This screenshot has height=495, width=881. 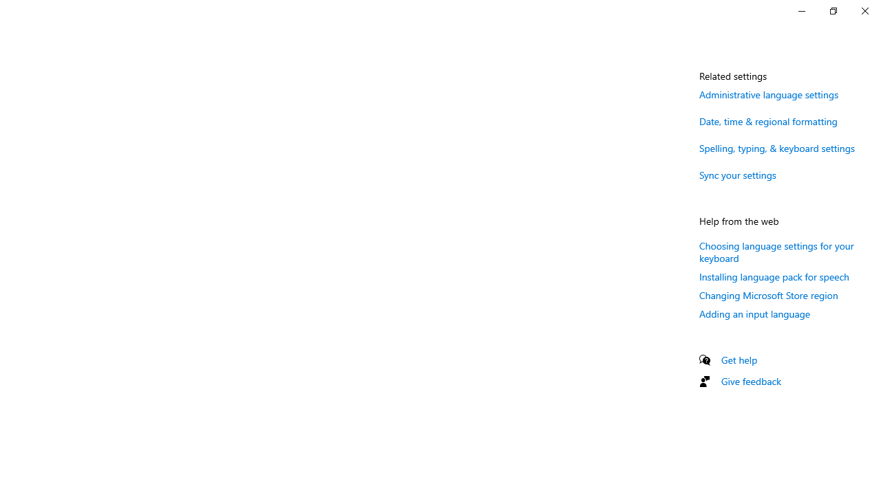 I want to click on 'Close Settings', so click(x=864, y=10).